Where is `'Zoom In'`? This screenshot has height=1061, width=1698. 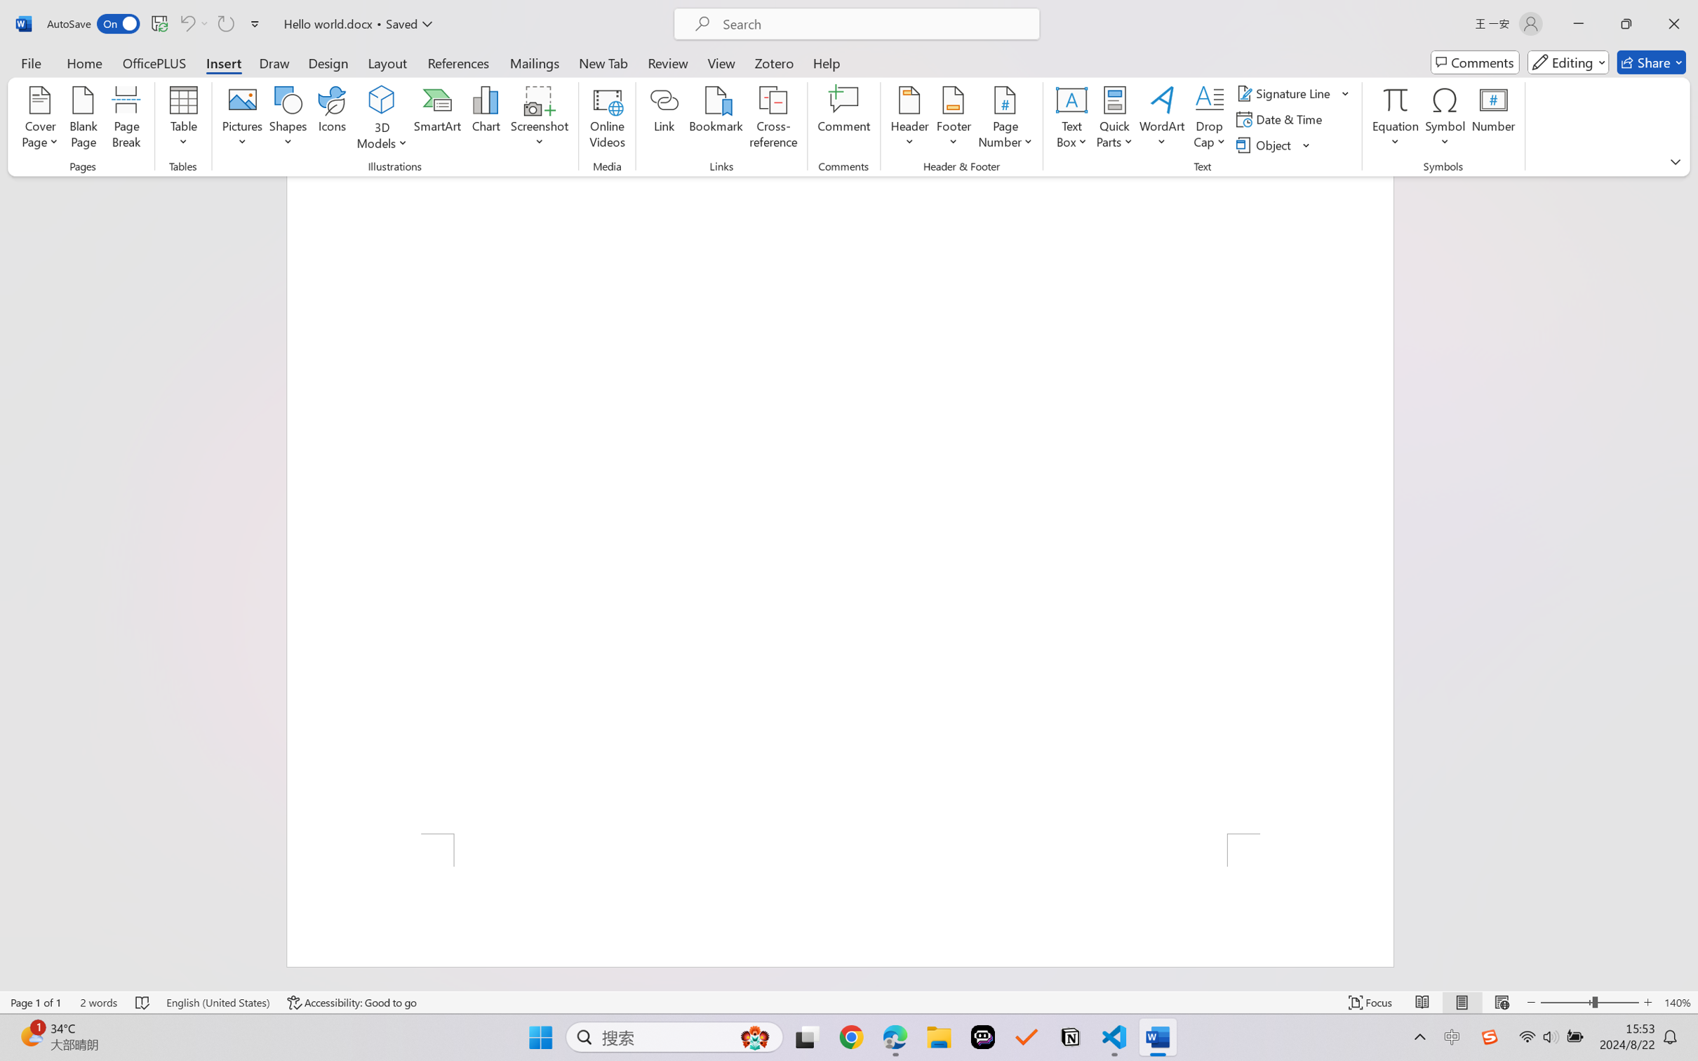 'Zoom In' is located at coordinates (1647, 1002).